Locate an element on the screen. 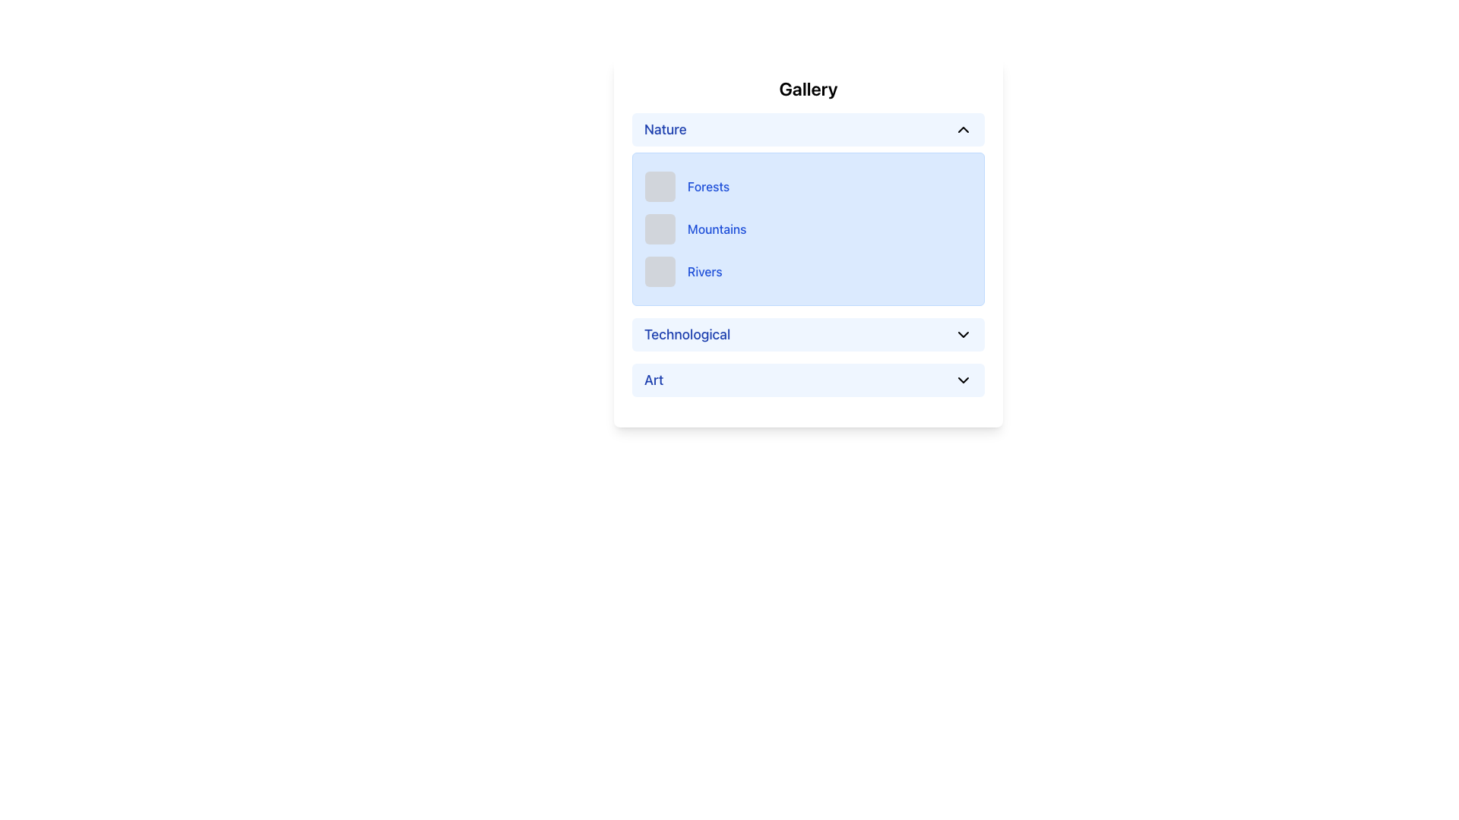  the text label that serves as a category label or navigation link is located at coordinates (686, 333).